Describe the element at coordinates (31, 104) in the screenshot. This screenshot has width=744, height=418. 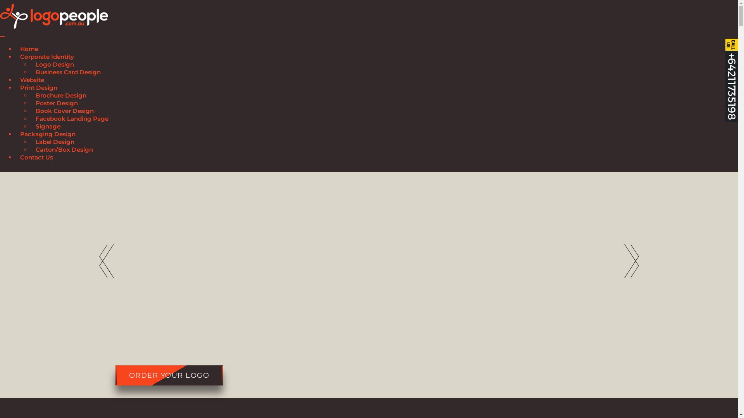
I see `'Poster Design'` at that location.